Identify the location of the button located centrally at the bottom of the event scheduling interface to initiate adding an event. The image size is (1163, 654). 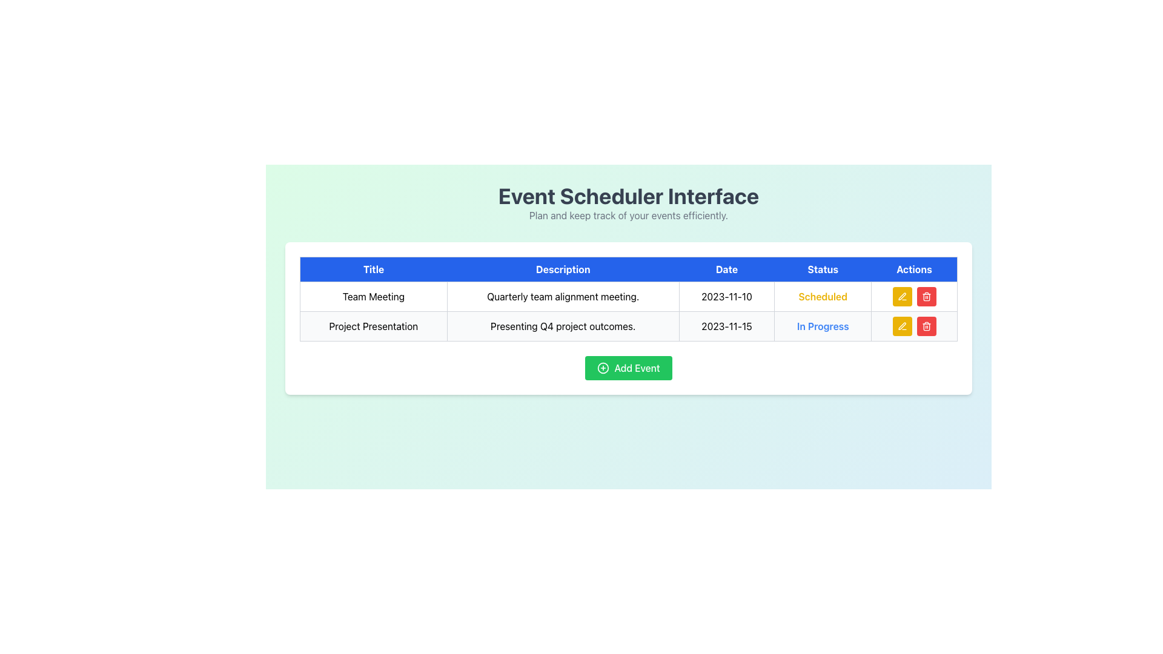
(628, 368).